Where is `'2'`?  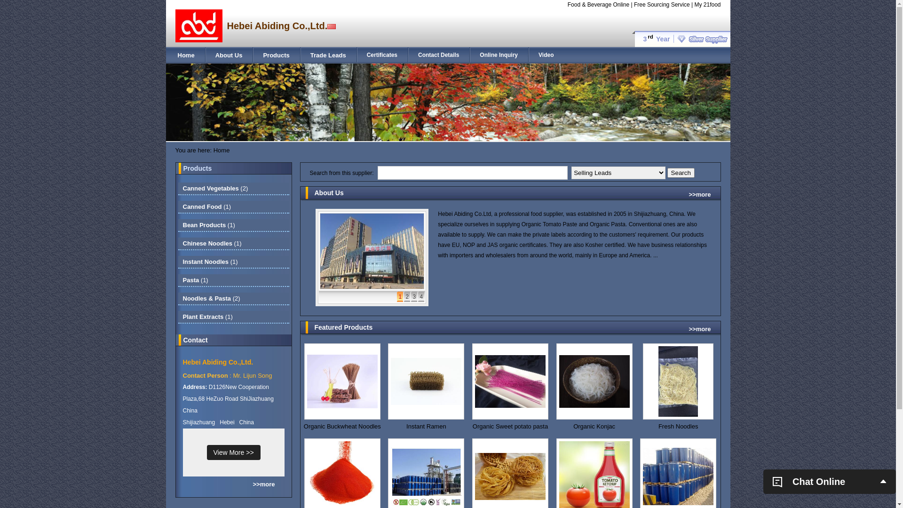 '2' is located at coordinates (407, 297).